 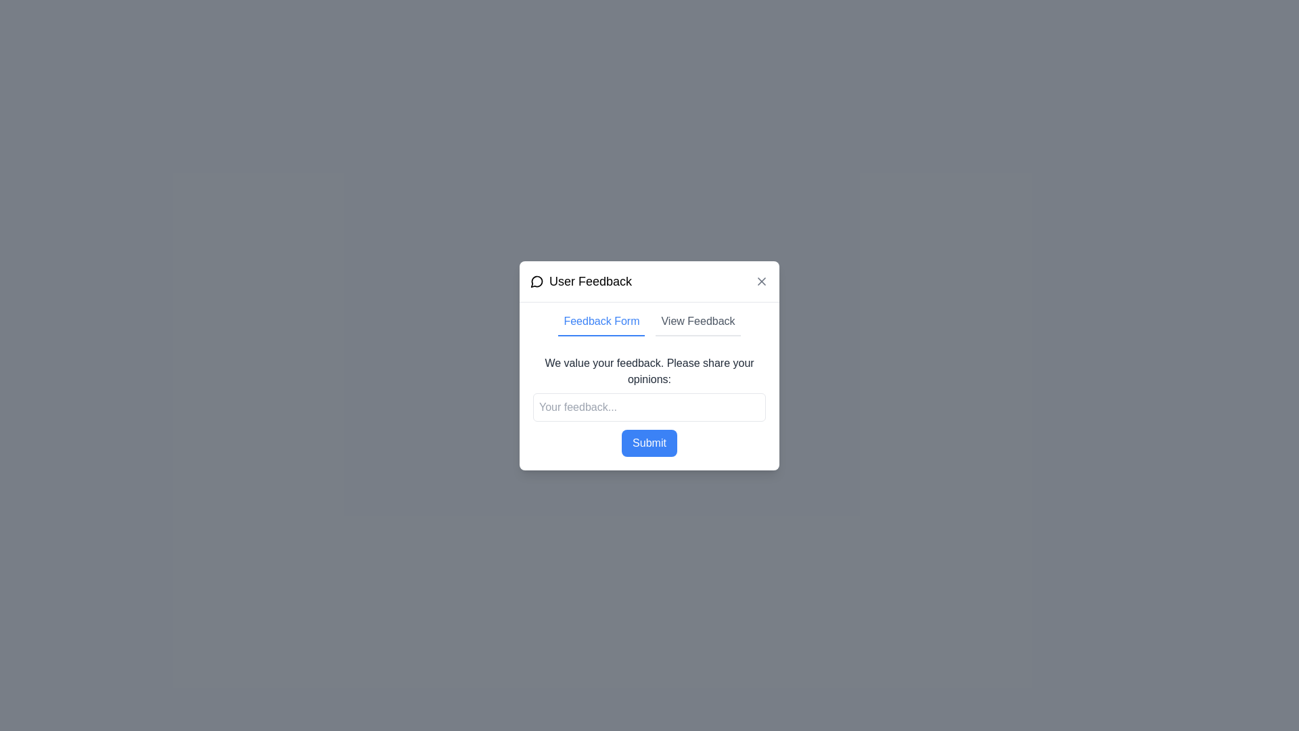 What do you see at coordinates (600, 321) in the screenshot?
I see `the first button or tab link within the 'User Feedback' modal` at bounding box center [600, 321].